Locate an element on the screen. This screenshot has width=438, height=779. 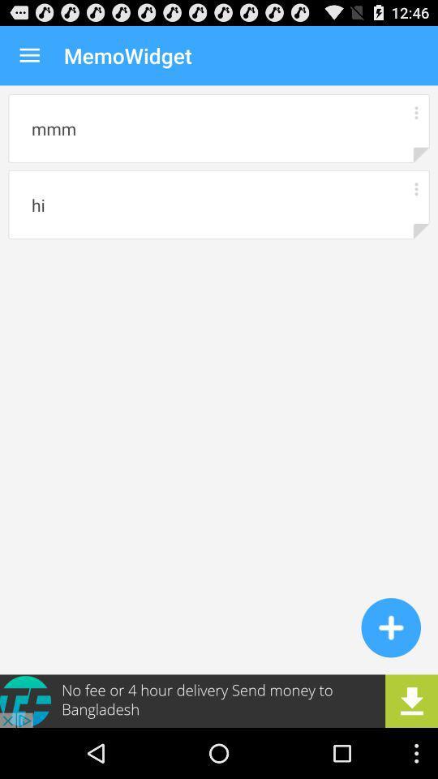
apps is located at coordinates (416, 111).